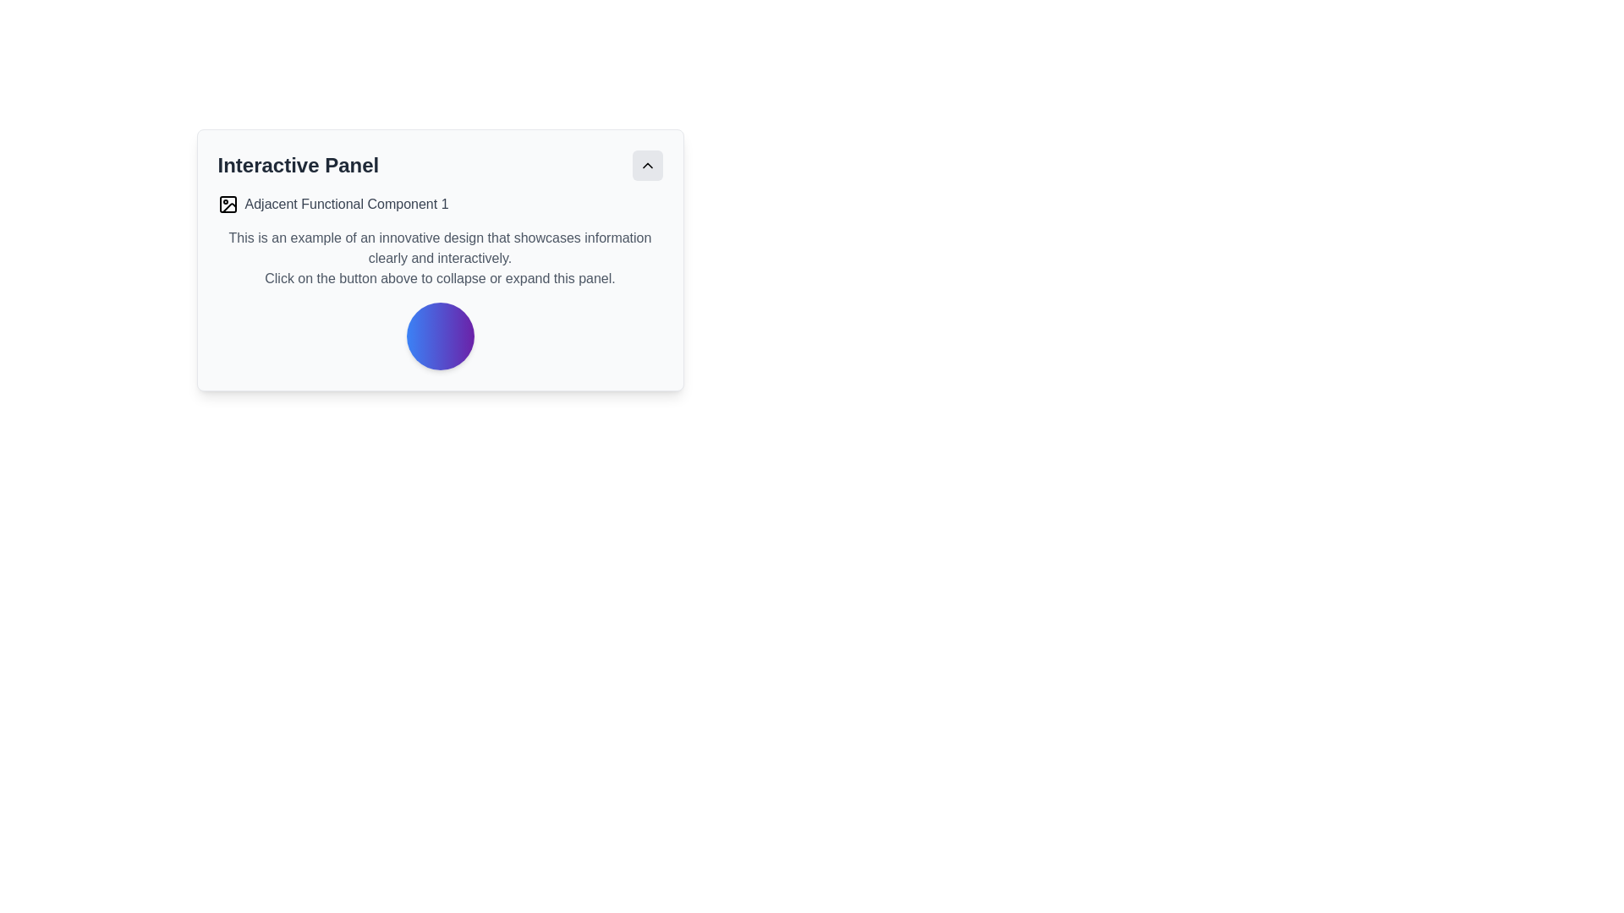 Image resolution: width=1624 pixels, height=913 pixels. I want to click on the informative text element located below the 'Interactive Panel' heading and under the 'Adjacent Functional Component 1' title, so click(440, 248).